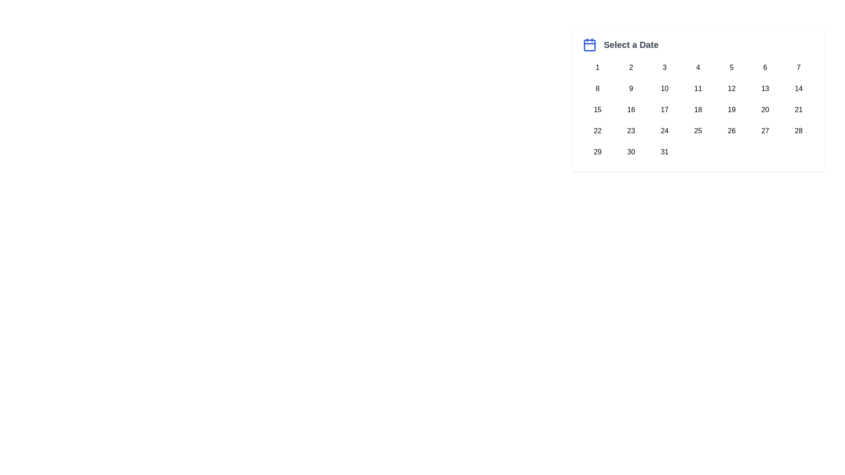 The height and width of the screenshot is (475, 845). What do you see at coordinates (764, 88) in the screenshot?
I see `the rectangular button displaying the number '13' in a calendar interface` at bounding box center [764, 88].